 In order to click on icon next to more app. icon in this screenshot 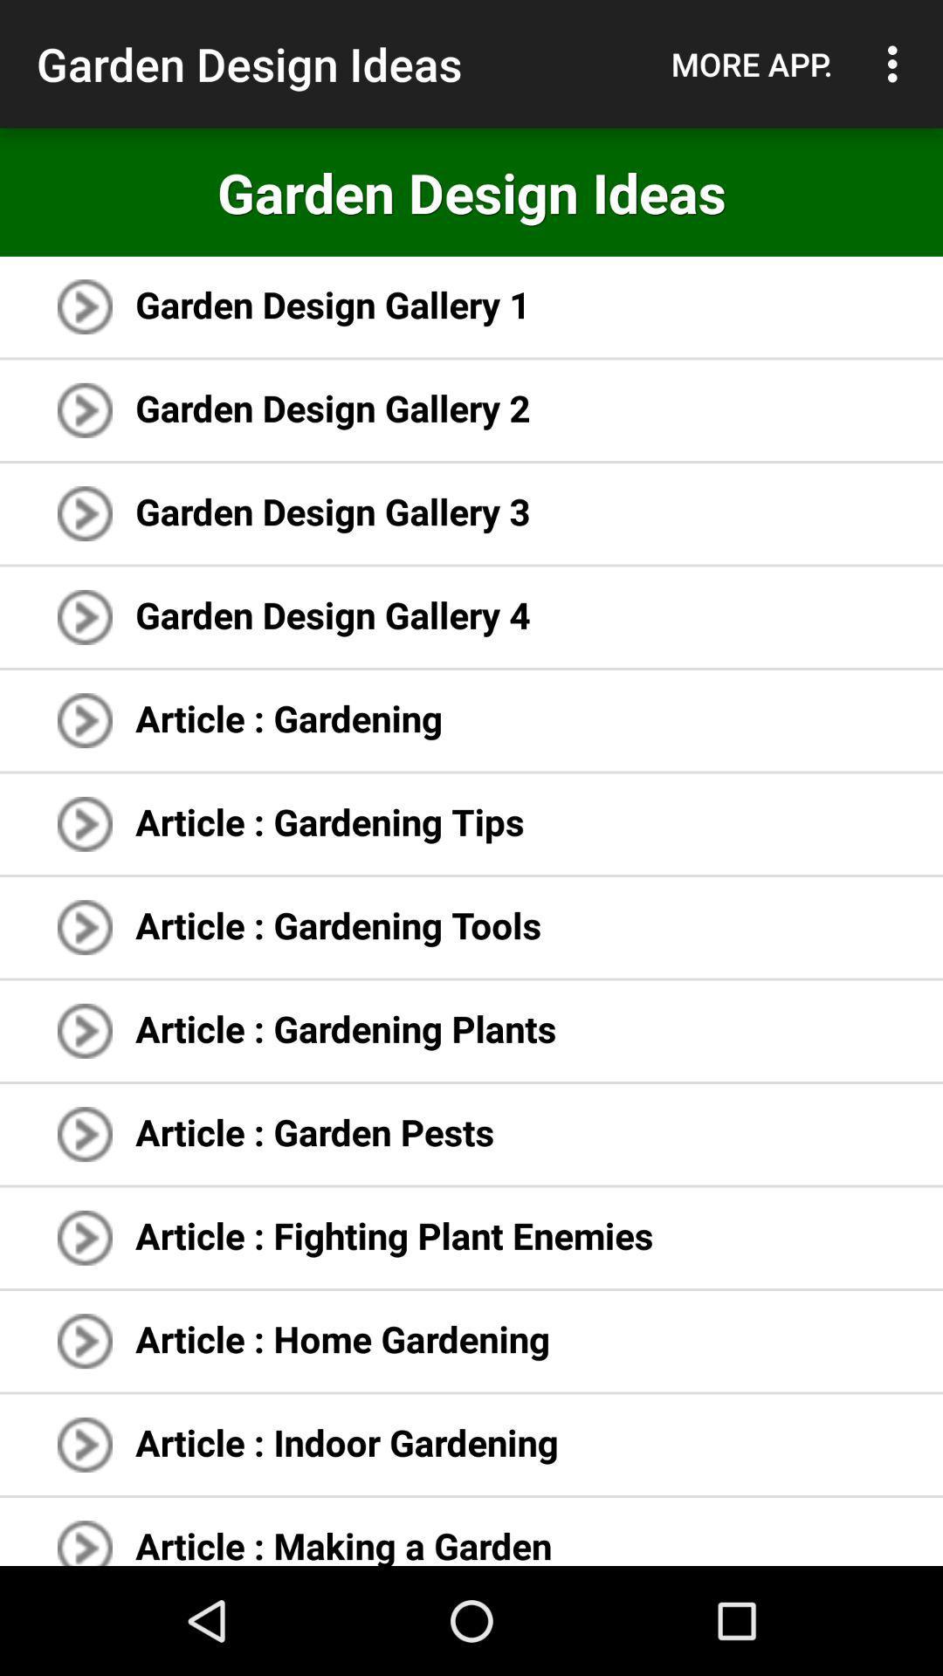, I will do `click(897, 64)`.